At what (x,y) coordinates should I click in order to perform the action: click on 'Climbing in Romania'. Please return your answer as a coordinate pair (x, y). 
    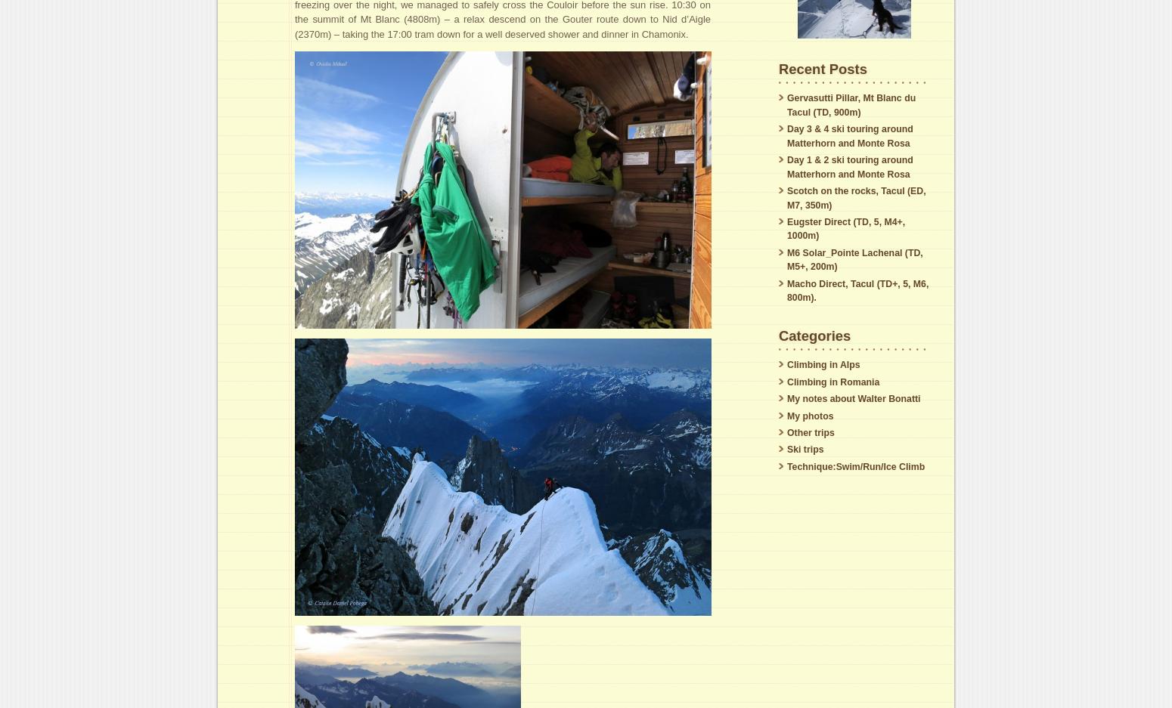
    Looking at the image, I should click on (832, 381).